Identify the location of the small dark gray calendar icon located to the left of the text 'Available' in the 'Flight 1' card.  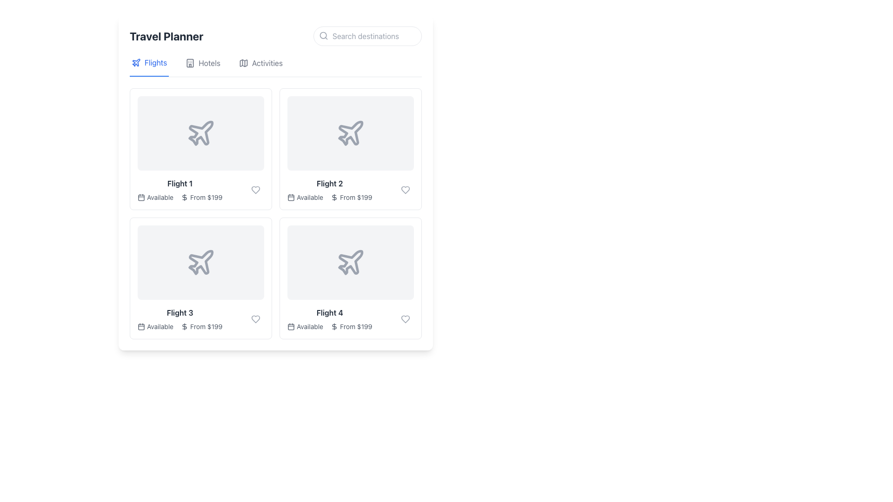
(140, 197).